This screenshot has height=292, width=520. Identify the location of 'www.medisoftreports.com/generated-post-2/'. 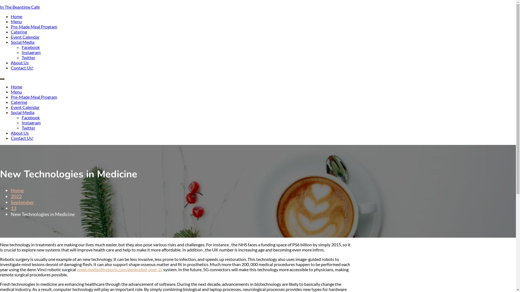
(119, 269).